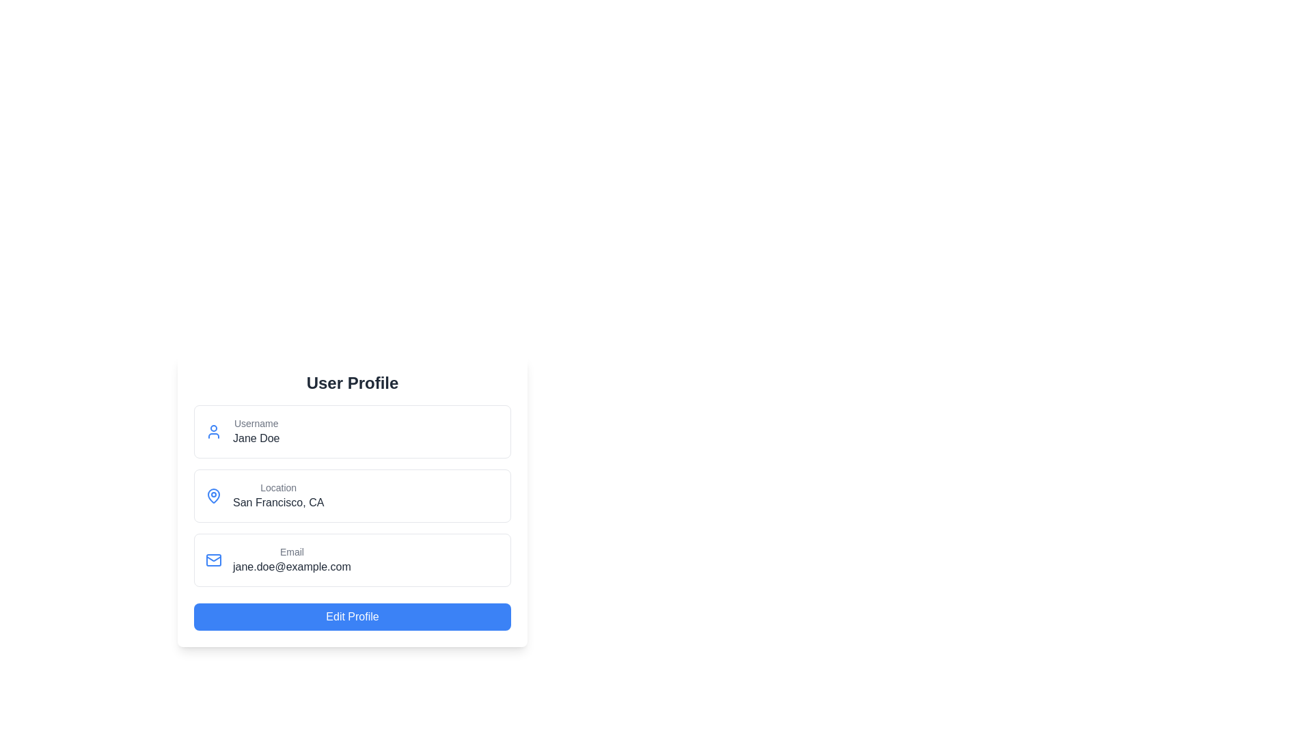  I want to click on the appearance of the flap of the envelope graphic located at the center of the email input field, so click(213, 558).